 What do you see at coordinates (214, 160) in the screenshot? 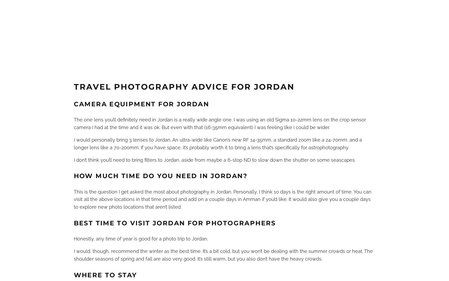
I see `'I don’t think you’ll need to bring filters to Jordan, aside from maybe a 6-stop ND to slow down the shutter on some seascapes.'` at bounding box center [214, 160].